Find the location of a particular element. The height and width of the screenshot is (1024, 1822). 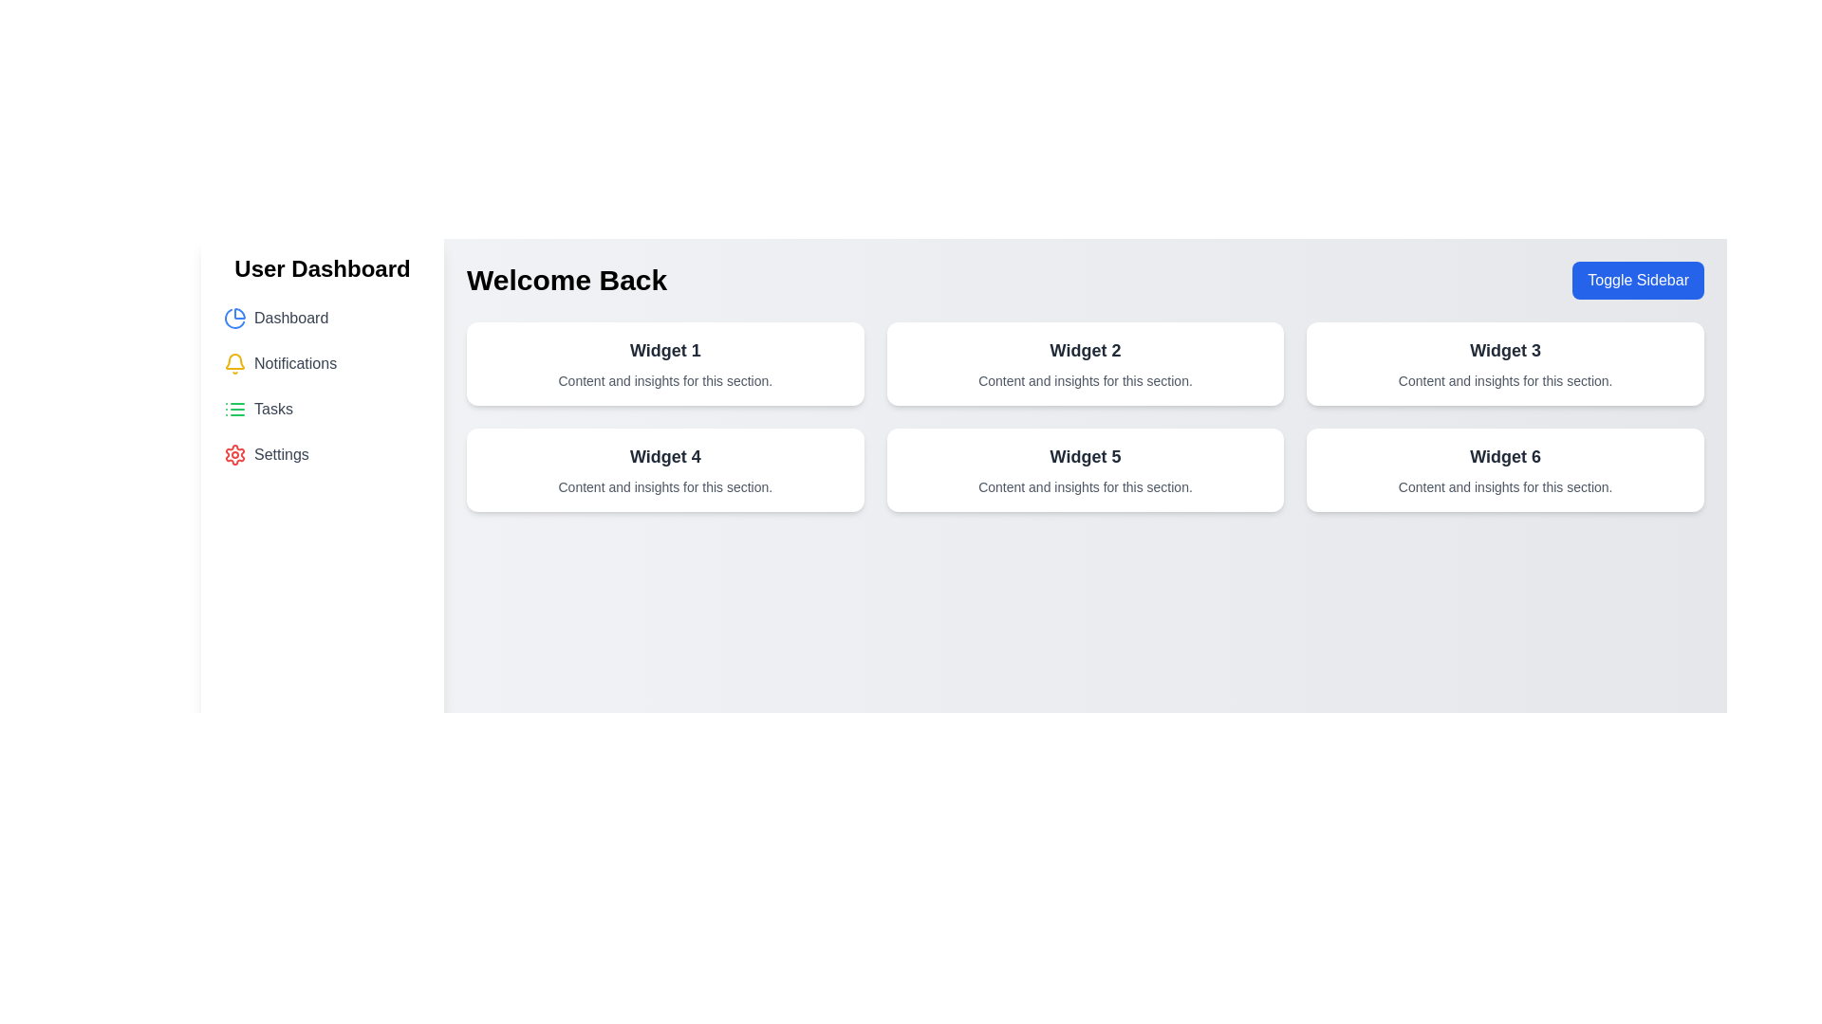

descriptive text label located below the header text 'Widget 5' in the second row, second column of the grid layout is located at coordinates (1085, 485).